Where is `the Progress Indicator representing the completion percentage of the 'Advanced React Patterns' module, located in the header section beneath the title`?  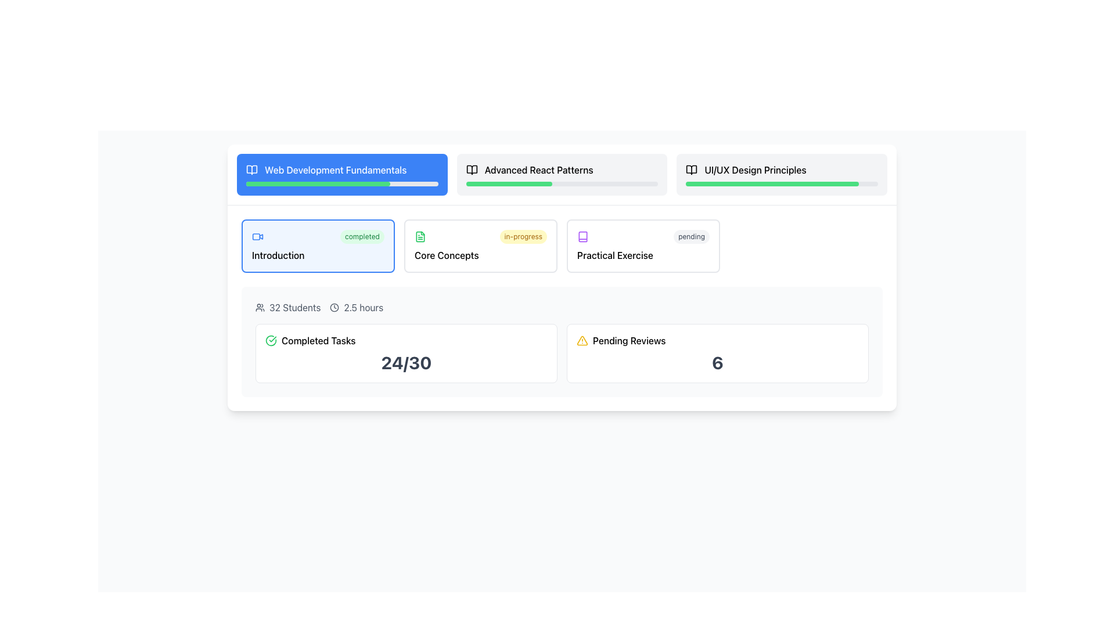 the Progress Indicator representing the completion percentage of the 'Advanced React Patterns' module, located in the header section beneath the title is located at coordinates (509, 183).